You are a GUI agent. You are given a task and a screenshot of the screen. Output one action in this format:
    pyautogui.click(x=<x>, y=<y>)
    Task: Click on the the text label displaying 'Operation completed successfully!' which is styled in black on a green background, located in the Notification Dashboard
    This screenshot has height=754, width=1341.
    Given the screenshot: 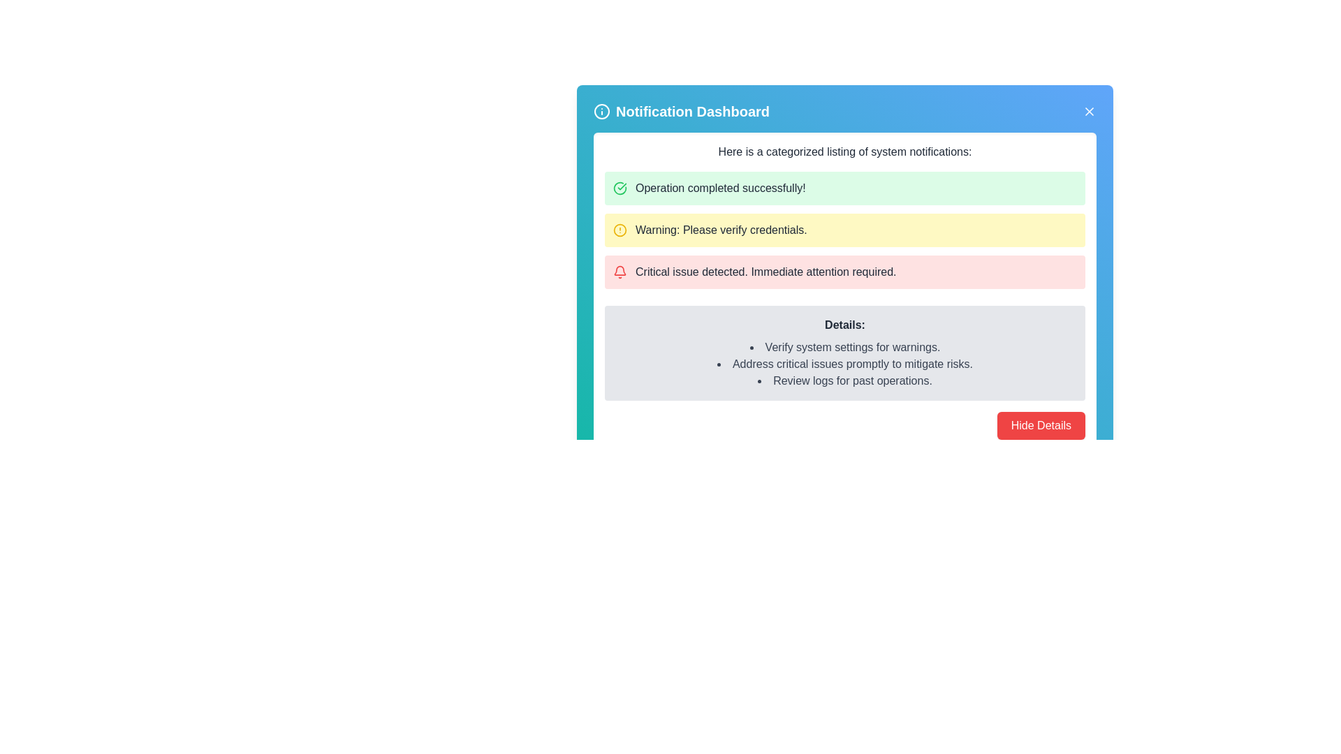 What is the action you would take?
    pyautogui.click(x=720, y=188)
    